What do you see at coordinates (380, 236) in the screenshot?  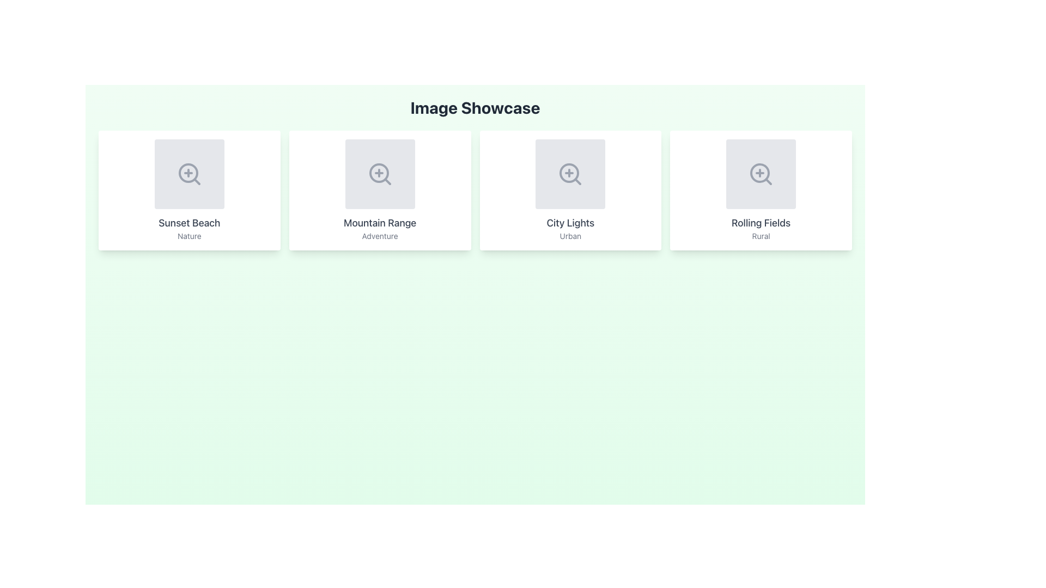 I see `text label located under the bold heading 'Mountain Range' in the second module of four horizontally aligned modules` at bounding box center [380, 236].